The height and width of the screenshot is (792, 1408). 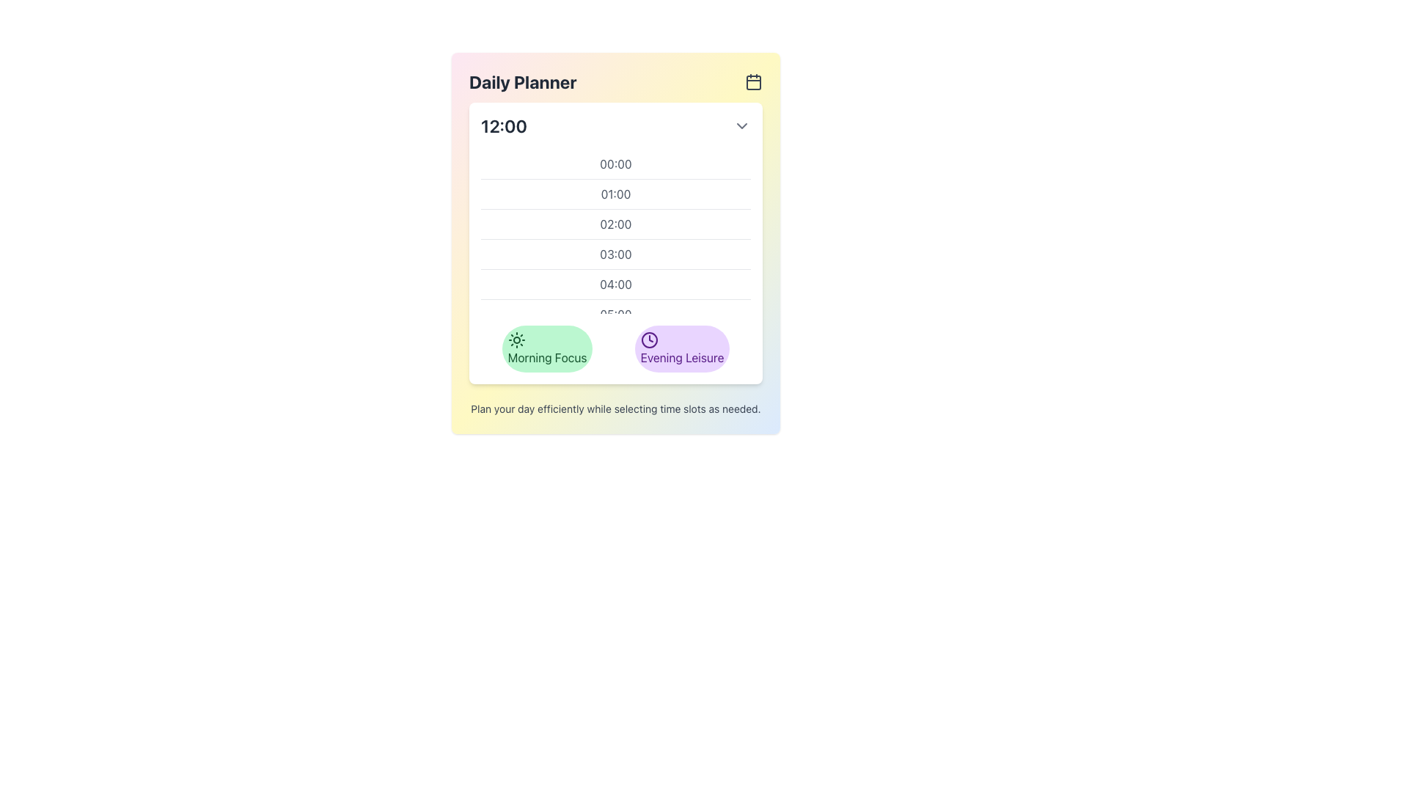 What do you see at coordinates (681, 348) in the screenshot?
I see `the 'Evening Leisure' button, which is the second button in a horizontal pair located near the bottom of the 'Daily Planner' interface` at bounding box center [681, 348].